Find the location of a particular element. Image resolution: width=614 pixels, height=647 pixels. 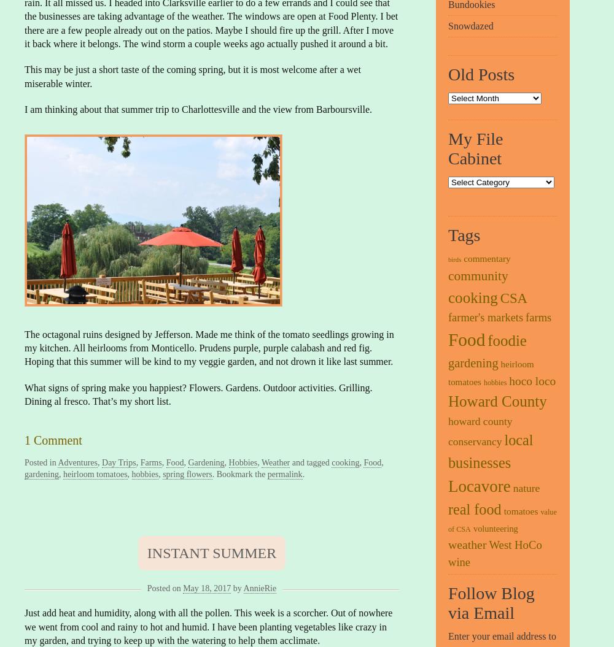

'Weather' is located at coordinates (274, 462).